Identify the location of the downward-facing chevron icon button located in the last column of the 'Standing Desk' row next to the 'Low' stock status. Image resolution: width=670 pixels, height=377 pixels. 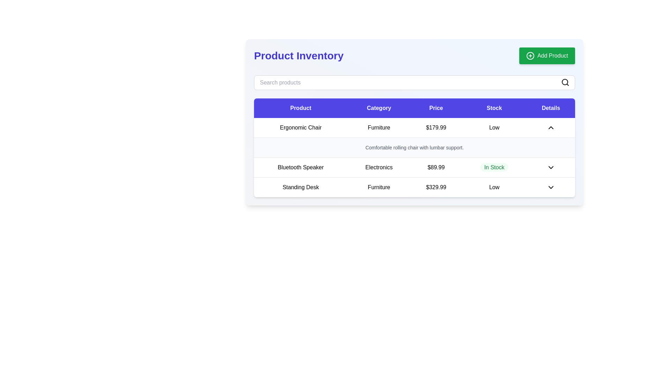
(550, 187).